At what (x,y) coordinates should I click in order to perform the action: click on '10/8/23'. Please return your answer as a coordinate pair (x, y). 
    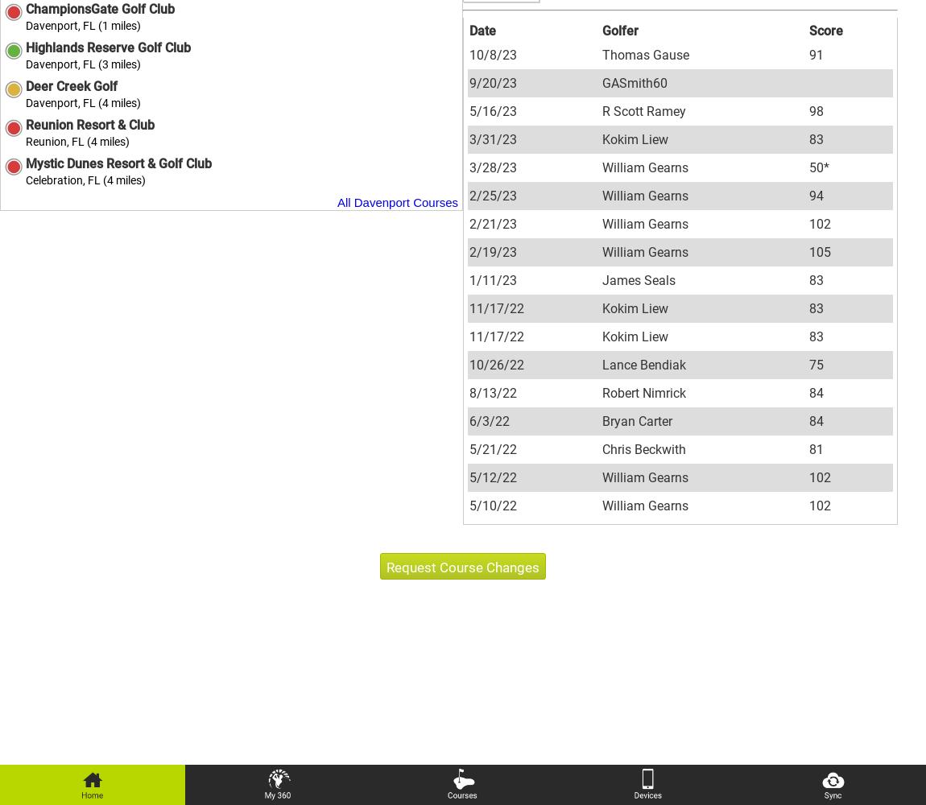
    Looking at the image, I should click on (469, 53).